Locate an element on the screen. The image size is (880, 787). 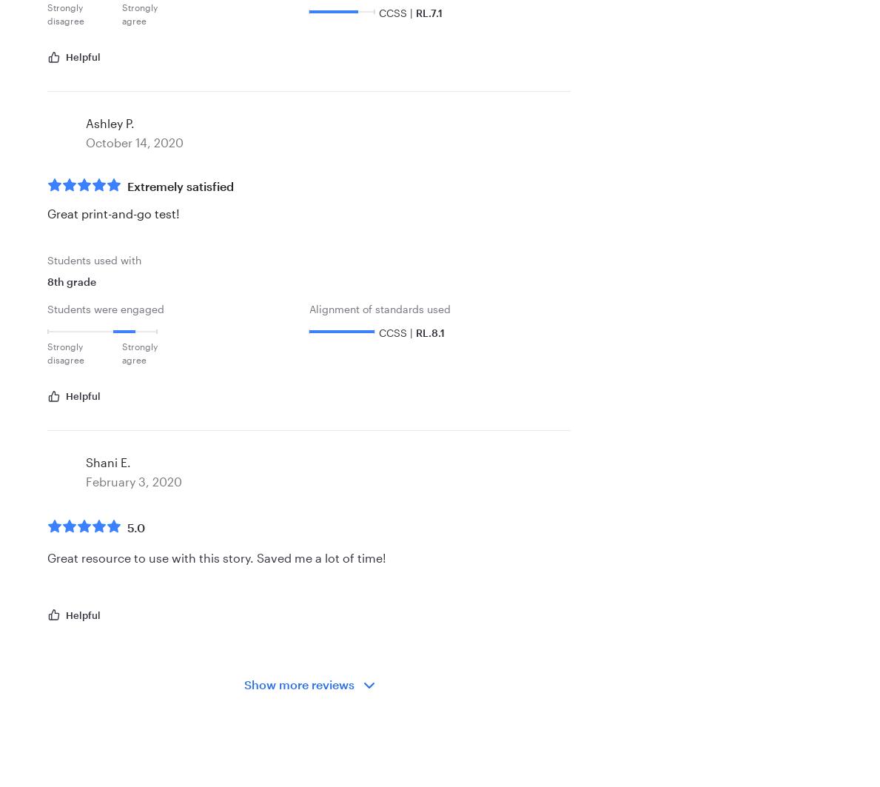
'5.0' is located at coordinates (127, 526).